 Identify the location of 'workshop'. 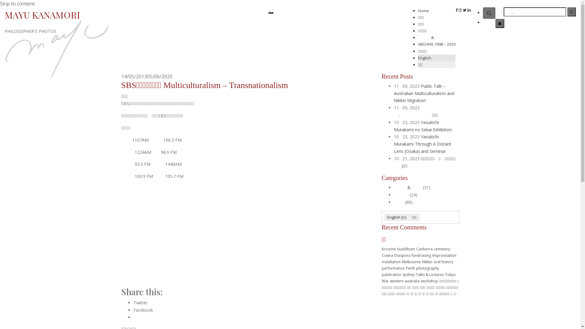
(429, 281).